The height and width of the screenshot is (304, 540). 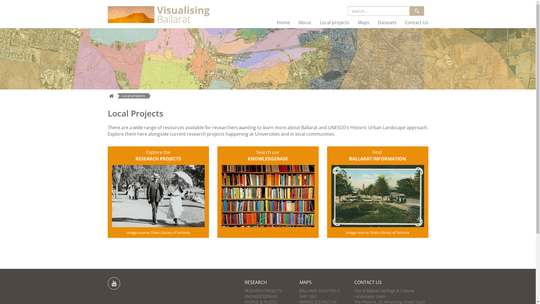 What do you see at coordinates (387, 22) in the screenshot?
I see `'Datasets'` at bounding box center [387, 22].